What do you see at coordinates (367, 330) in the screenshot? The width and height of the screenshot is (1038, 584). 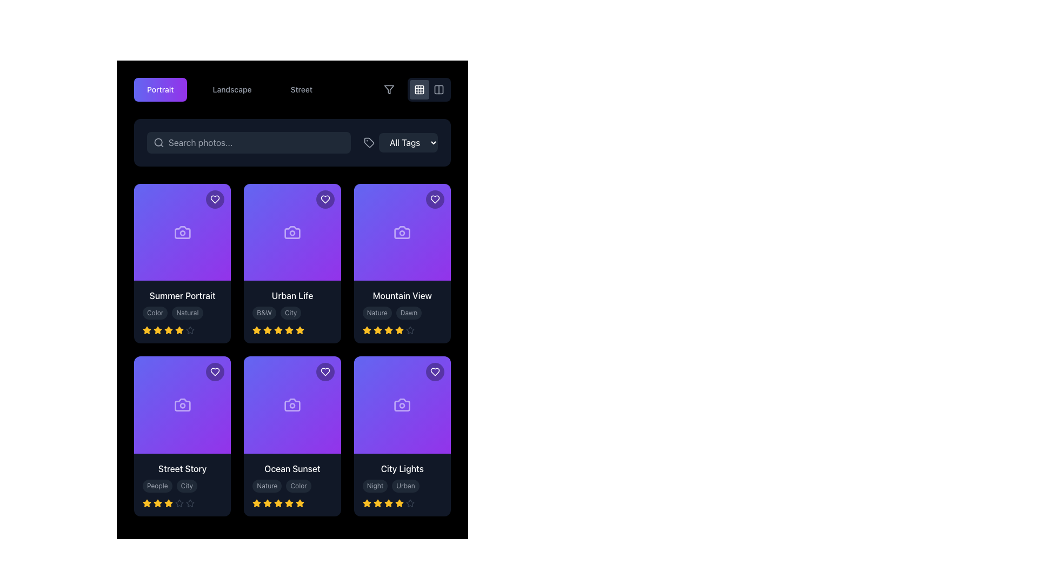 I see `the third star in the five-star rating system located in the card labeled 'Mountain View'` at bounding box center [367, 330].